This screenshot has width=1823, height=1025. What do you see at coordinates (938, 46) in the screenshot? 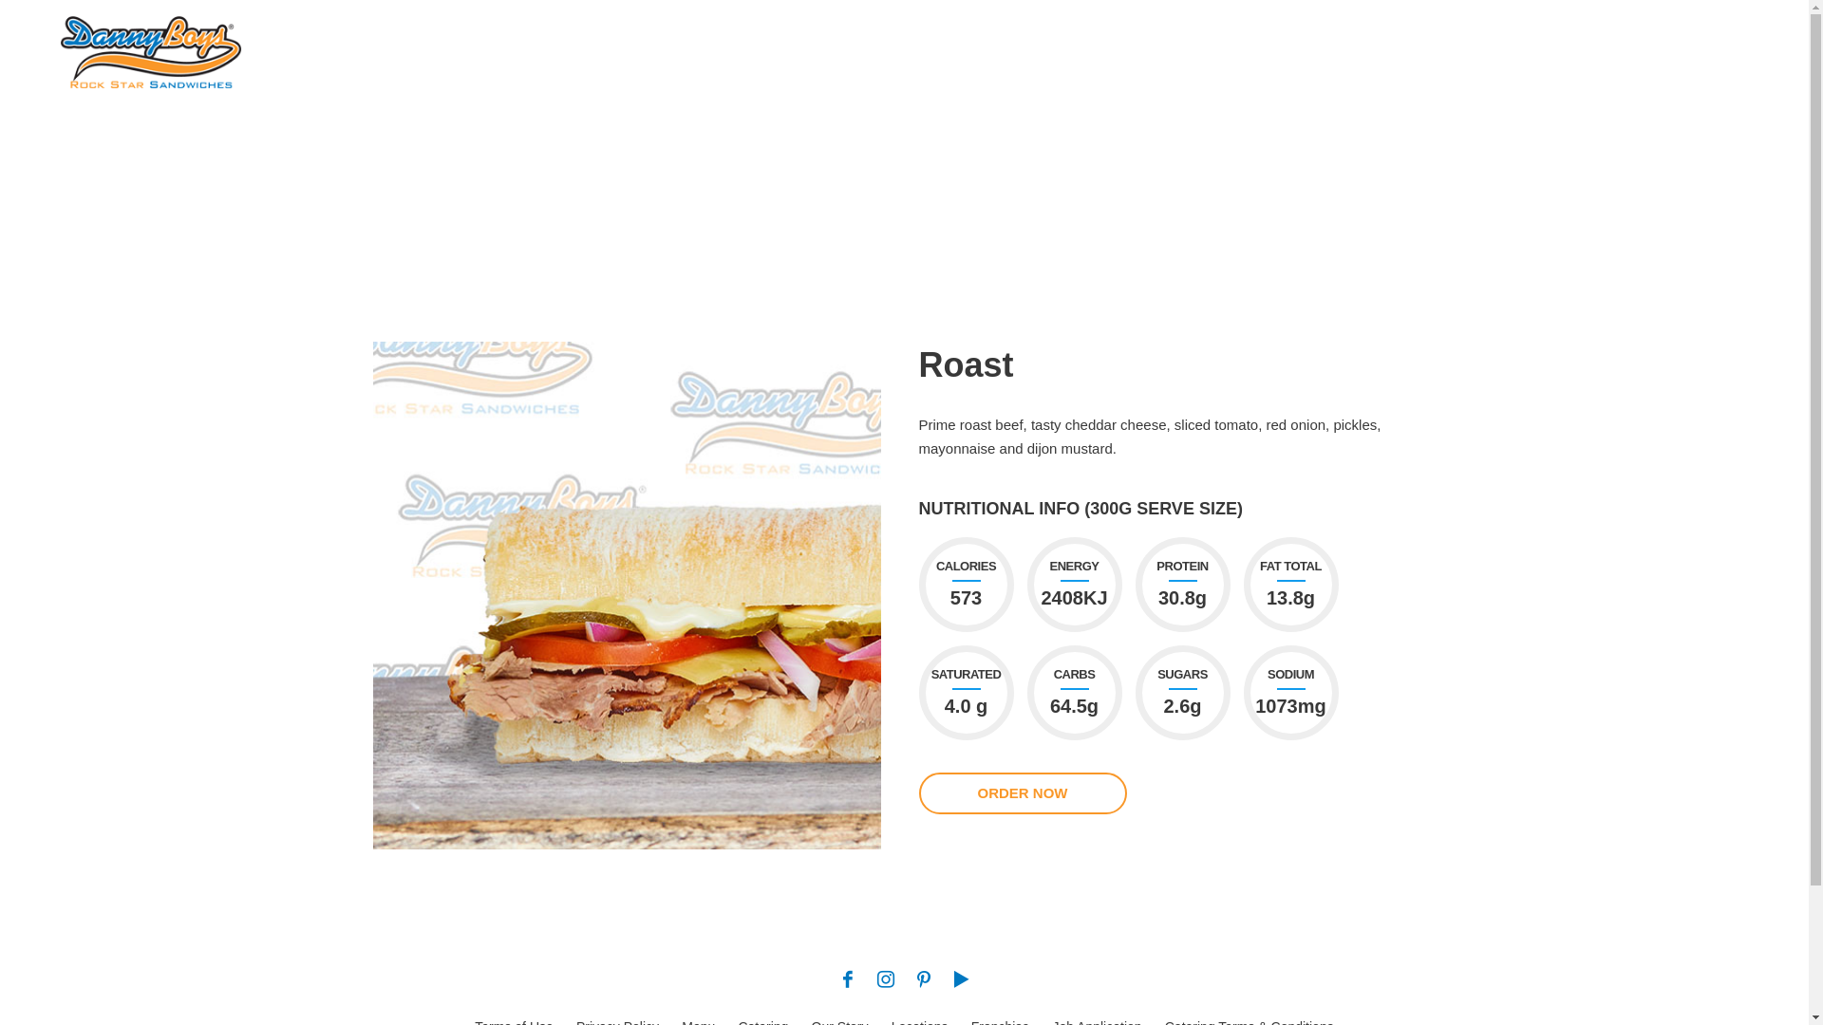
I see `'MENU'` at bounding box center [938, 46].